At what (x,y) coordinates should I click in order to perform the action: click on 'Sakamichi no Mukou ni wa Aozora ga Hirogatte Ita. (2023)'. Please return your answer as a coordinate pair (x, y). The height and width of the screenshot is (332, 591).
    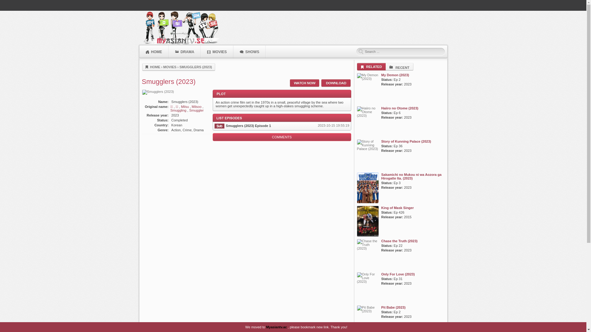
    Looking at the image, I should click on (411, 176).